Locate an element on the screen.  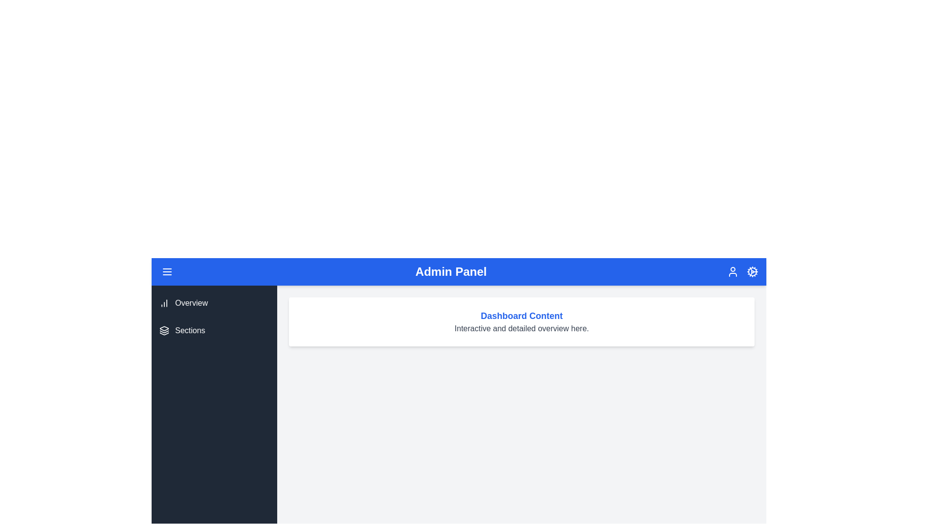
the user icon in the header is located at coordinates (733, 272).